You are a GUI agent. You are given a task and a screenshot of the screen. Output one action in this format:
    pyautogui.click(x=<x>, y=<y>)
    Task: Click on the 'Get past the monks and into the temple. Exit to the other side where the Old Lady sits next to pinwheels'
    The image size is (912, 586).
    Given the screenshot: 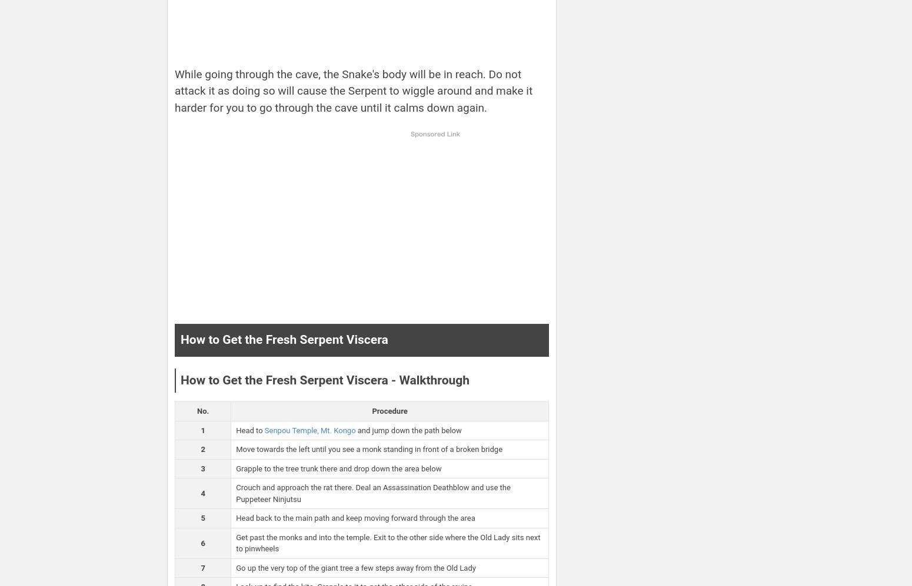 What is the action you would take?
    pyautogui.click(x=387, y=543)
    